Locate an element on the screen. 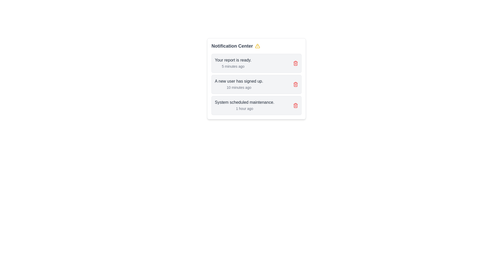 The height and width of the screenshot is (278, 494). the text block displaying the message 'System scheduled maintenance.' with the timestamp '1 hour ago' in the Notification Center is located at coordinates (244, 105).